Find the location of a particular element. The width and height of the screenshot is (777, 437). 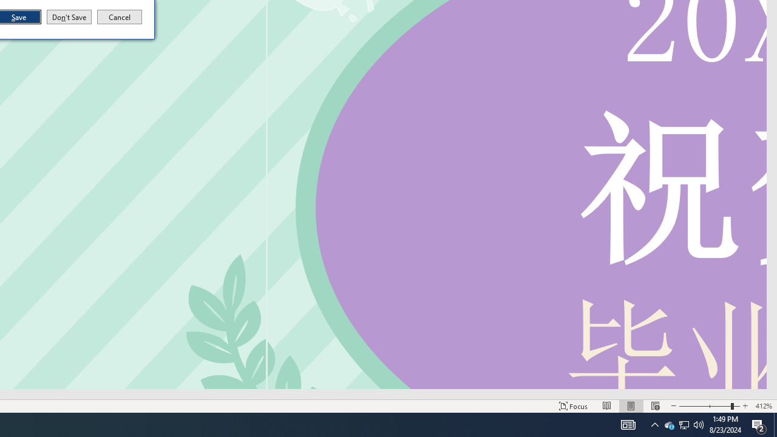

'AutomationID: 4105' is located at coordinates (628, 424).